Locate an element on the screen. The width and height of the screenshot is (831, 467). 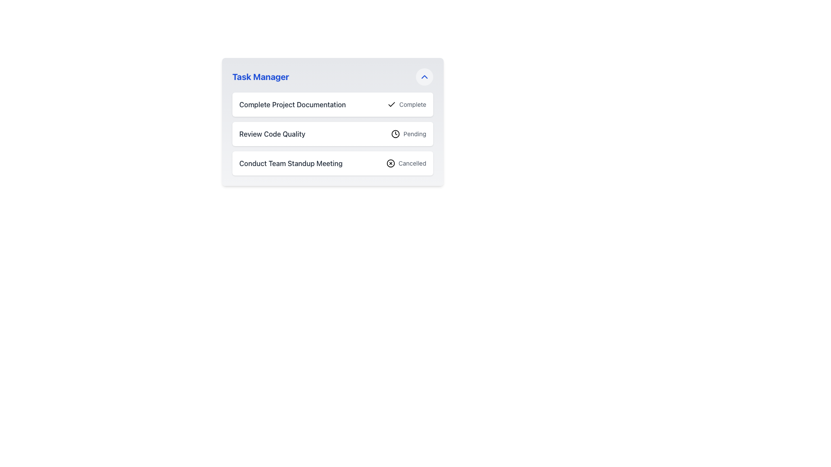
the descriptive title text label of the task item located within the task management interface is located at coordinates (291, 163).